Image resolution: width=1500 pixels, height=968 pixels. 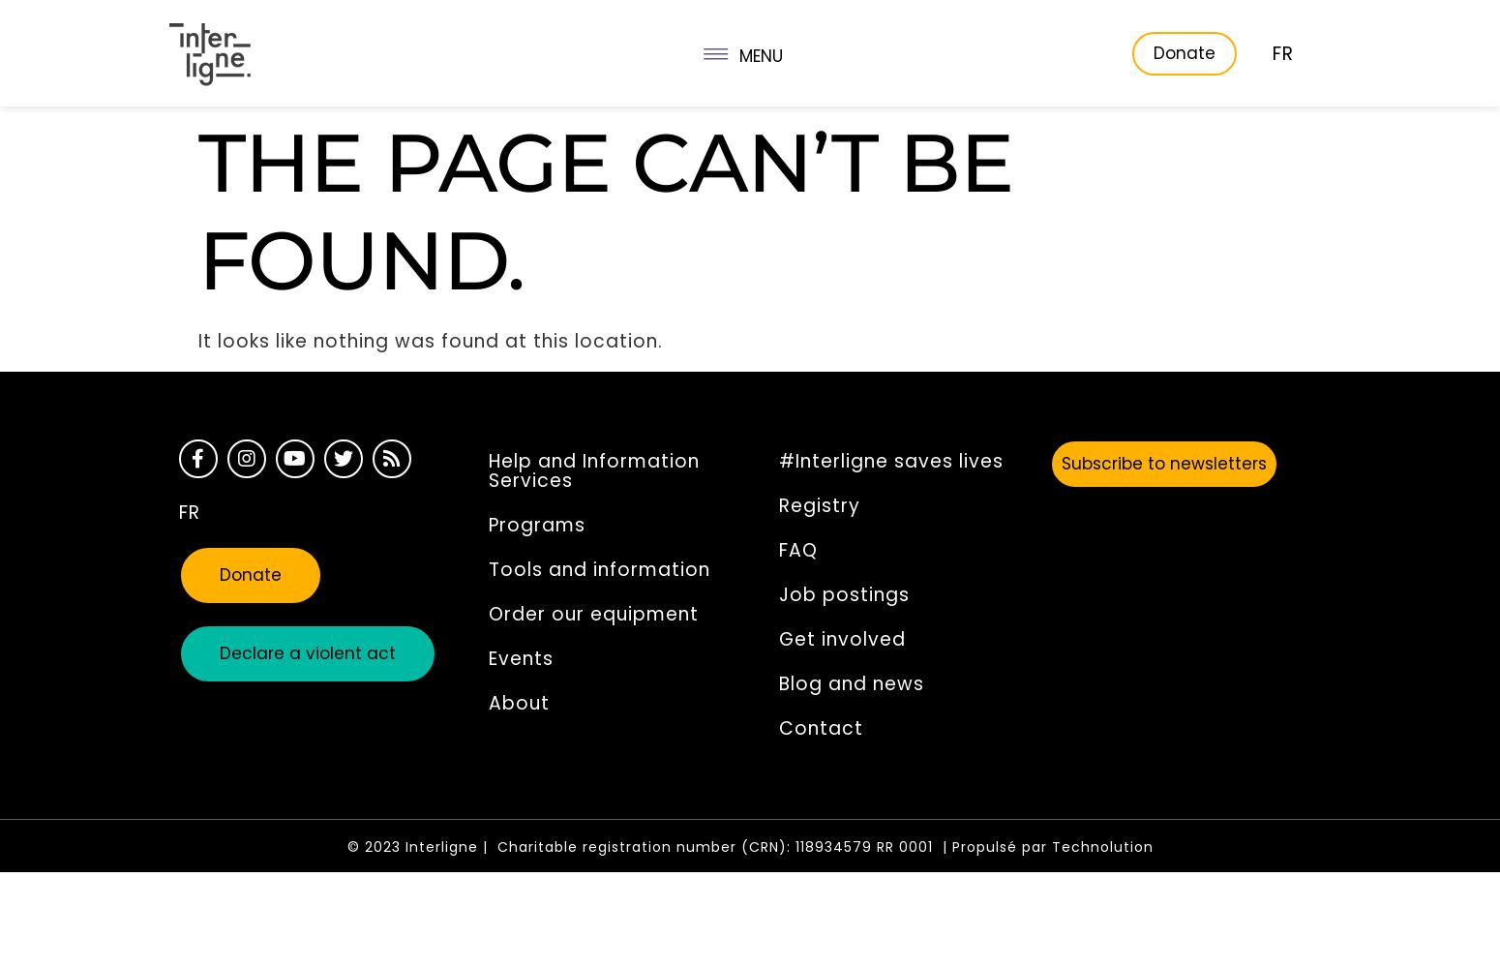 I want to click on 'Subscribe to newsletters', so click(x=1163, y=463).